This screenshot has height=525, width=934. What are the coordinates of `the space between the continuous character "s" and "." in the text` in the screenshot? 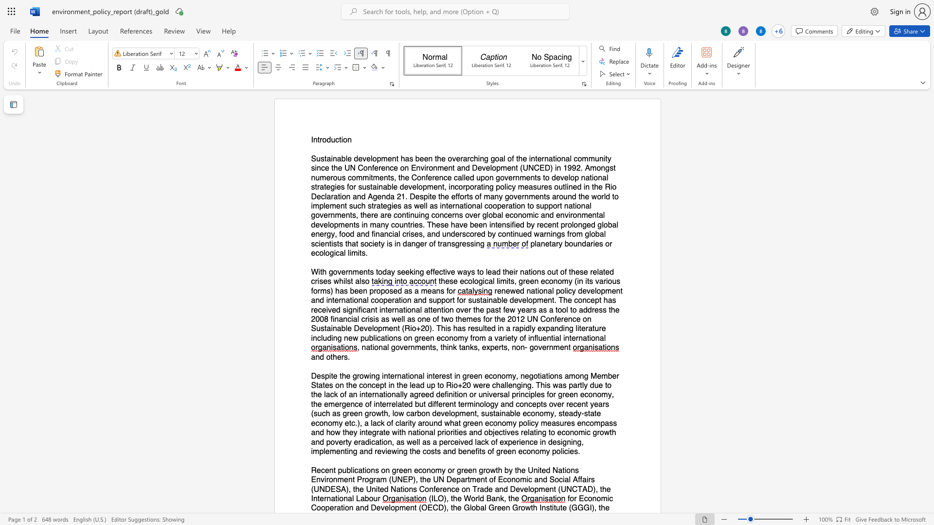 It's located at (364, 253).